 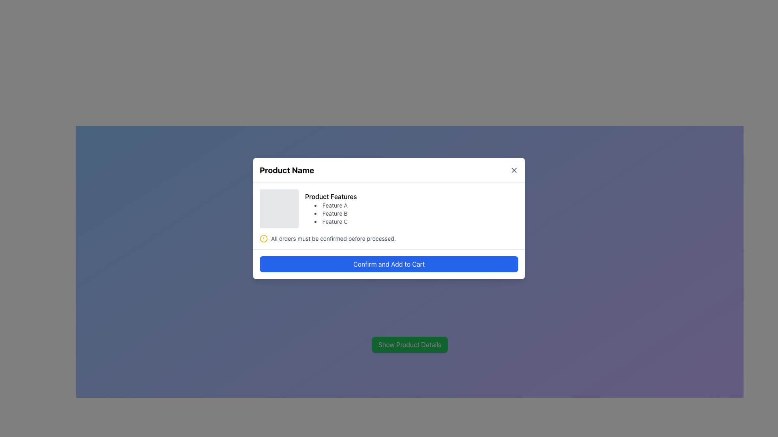 What do you see at coordinates (331, 213) in the screenshot?
I see `contents of the Unordered List located below the 'Product Features' heading in the modal dialog, which displays features of the showcased product` at bounding box center [331, 213].